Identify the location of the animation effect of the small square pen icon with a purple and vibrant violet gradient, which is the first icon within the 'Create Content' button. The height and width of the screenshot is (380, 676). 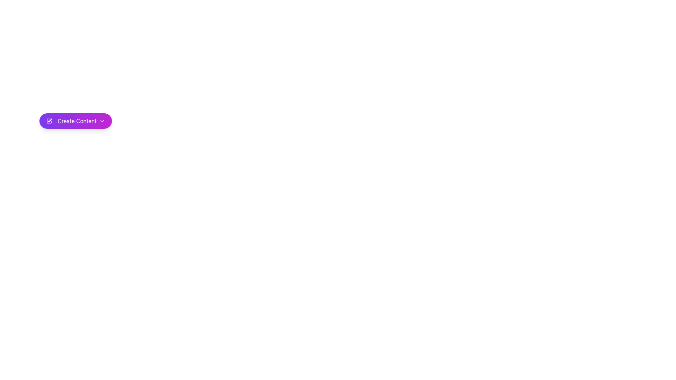
(49, 120).